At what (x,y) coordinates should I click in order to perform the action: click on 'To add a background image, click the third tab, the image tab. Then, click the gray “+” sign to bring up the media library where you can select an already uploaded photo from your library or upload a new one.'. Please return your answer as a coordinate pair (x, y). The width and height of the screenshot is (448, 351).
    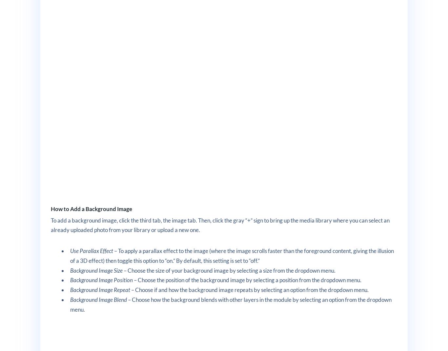
    Looking at the image, I should click on (219, 224).